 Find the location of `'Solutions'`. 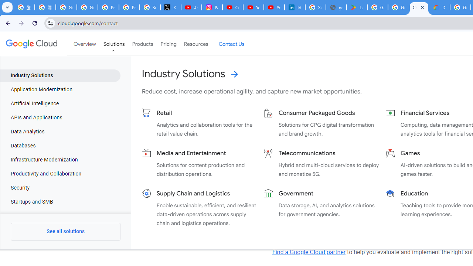

'Solutions' is located at coordinates (113, 44).